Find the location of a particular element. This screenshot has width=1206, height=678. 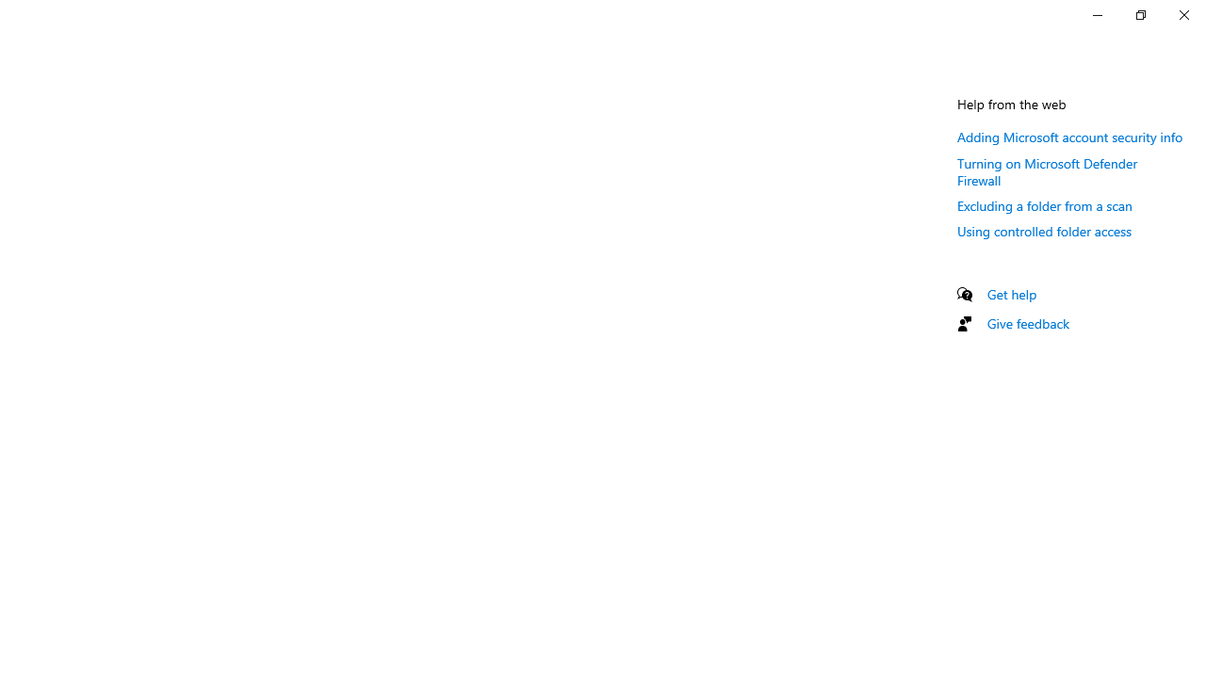

'Adding Microsoft account security info' is located at coordinates (1070, 136).